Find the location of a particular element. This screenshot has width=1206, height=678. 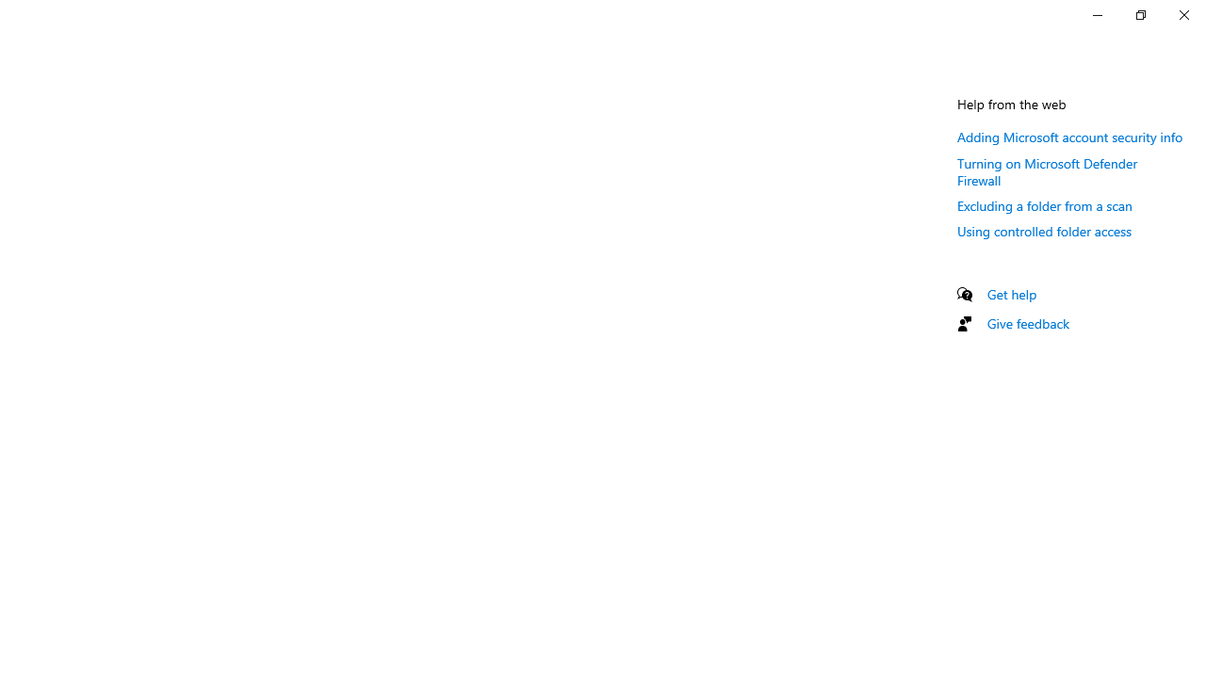

'Adding Microsoft account security info' is located at coordinates (1070, 136).